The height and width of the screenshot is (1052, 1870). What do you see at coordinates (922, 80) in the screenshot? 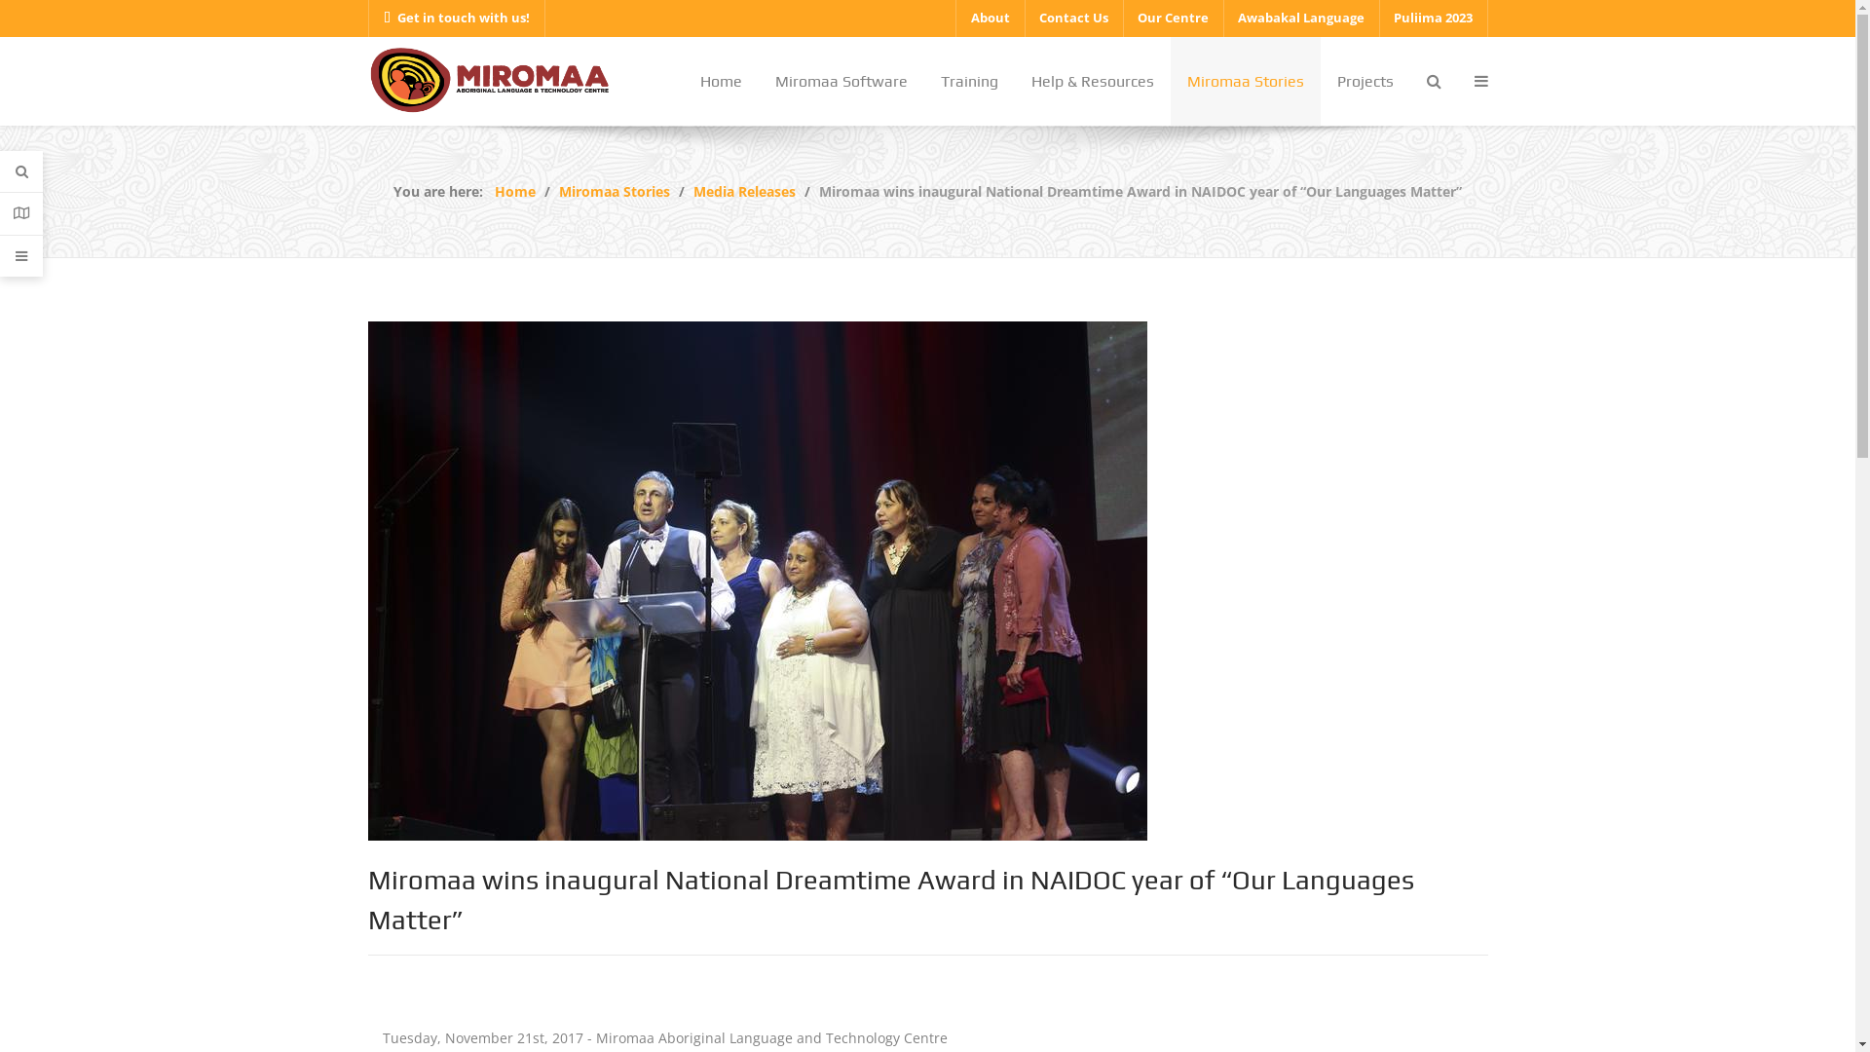
I see `'Training'` at bounding box center [922, 80].